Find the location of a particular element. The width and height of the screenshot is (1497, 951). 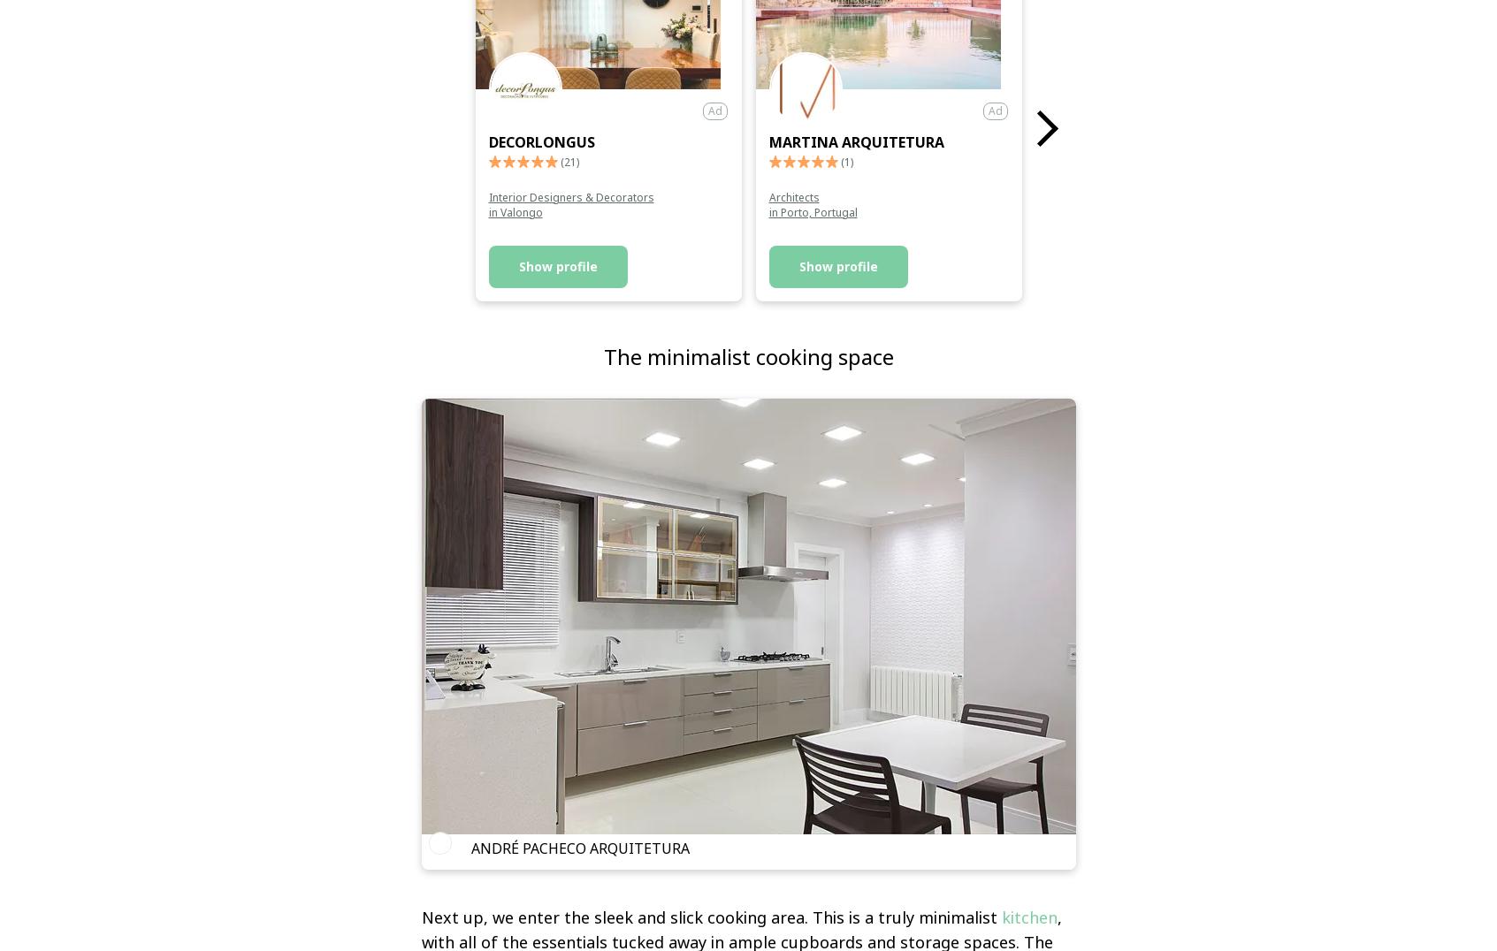

'Martina Arquitetura' is located at coordinates (855, 141).